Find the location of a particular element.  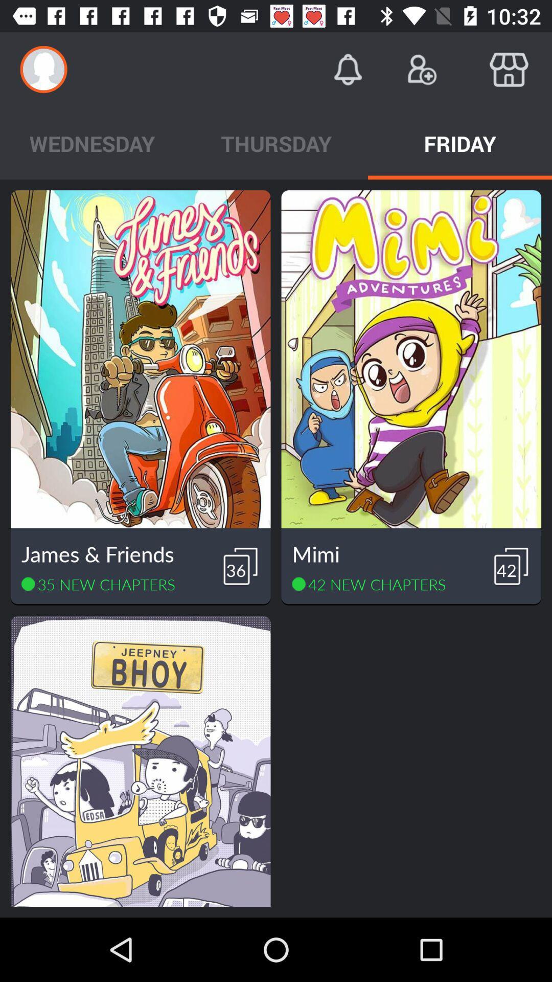

the friday  item is located at coordinates (459, 143).